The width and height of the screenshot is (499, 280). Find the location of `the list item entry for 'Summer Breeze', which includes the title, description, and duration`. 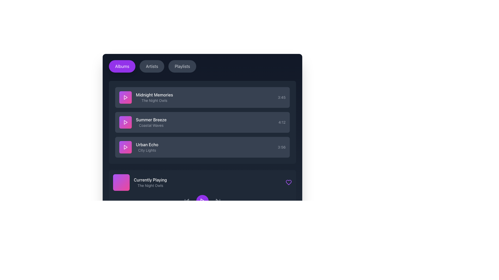

the list item entry for 'Summer Breeze', which includes the title, description, and duration is located at coordinates (202, 122).